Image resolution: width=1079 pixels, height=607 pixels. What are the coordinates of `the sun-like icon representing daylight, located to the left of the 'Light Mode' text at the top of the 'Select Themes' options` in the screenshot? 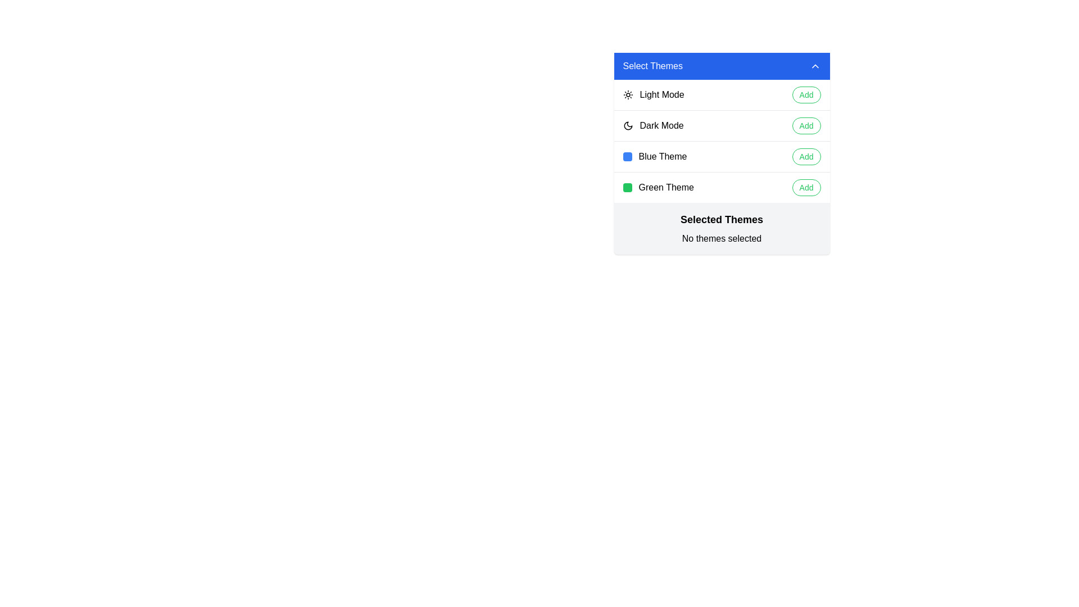 It's located at (627, 94).